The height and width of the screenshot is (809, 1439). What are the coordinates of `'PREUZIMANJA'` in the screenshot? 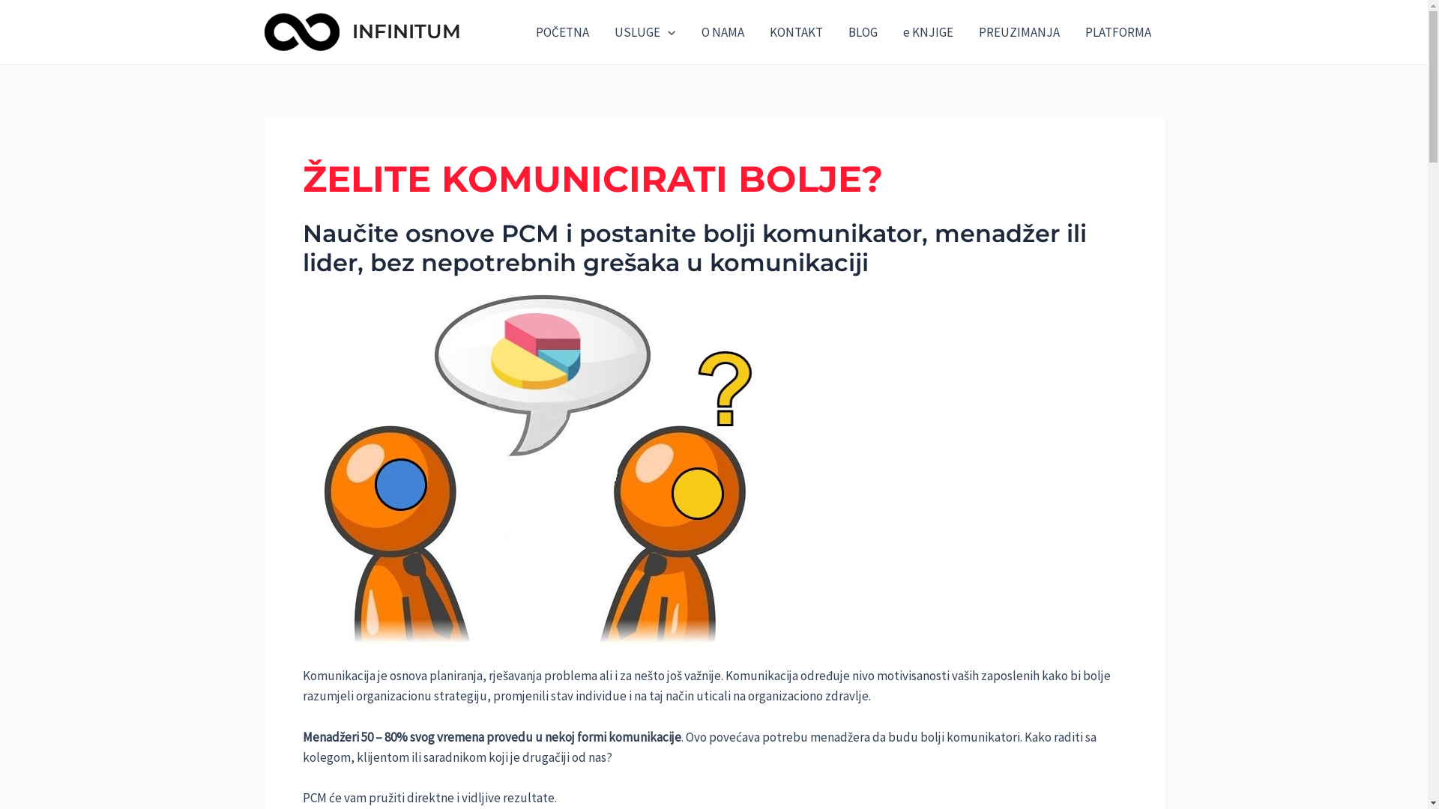 It's located at (1018, 31).